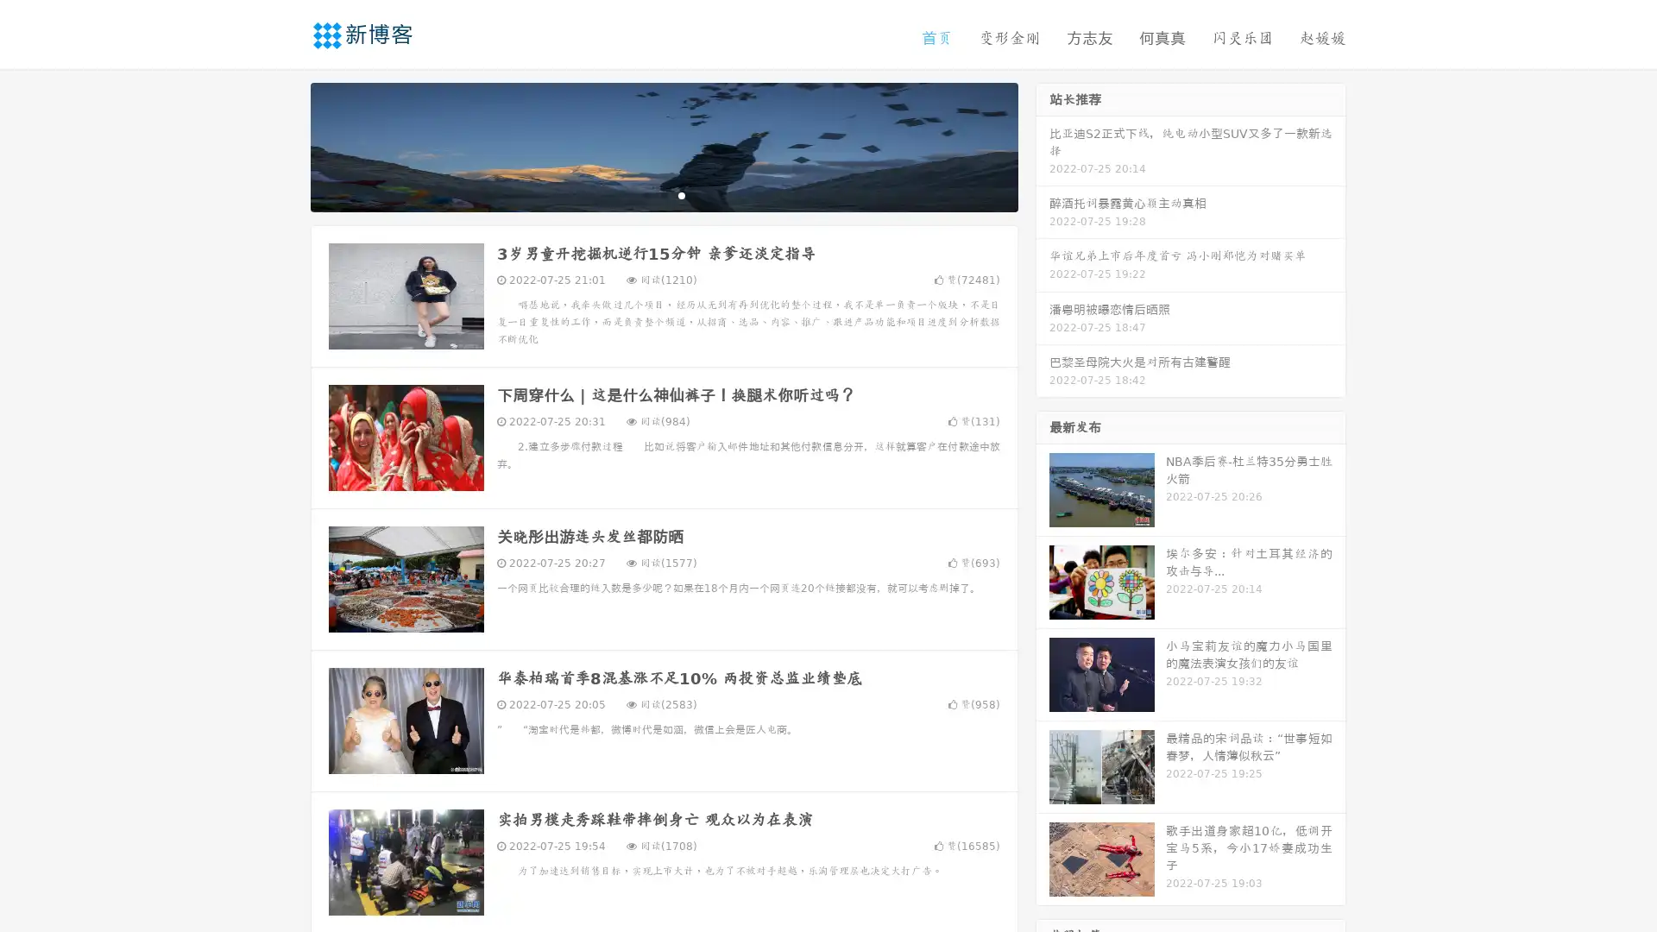  I want to click on Go to slide 1, so click(646, 194).